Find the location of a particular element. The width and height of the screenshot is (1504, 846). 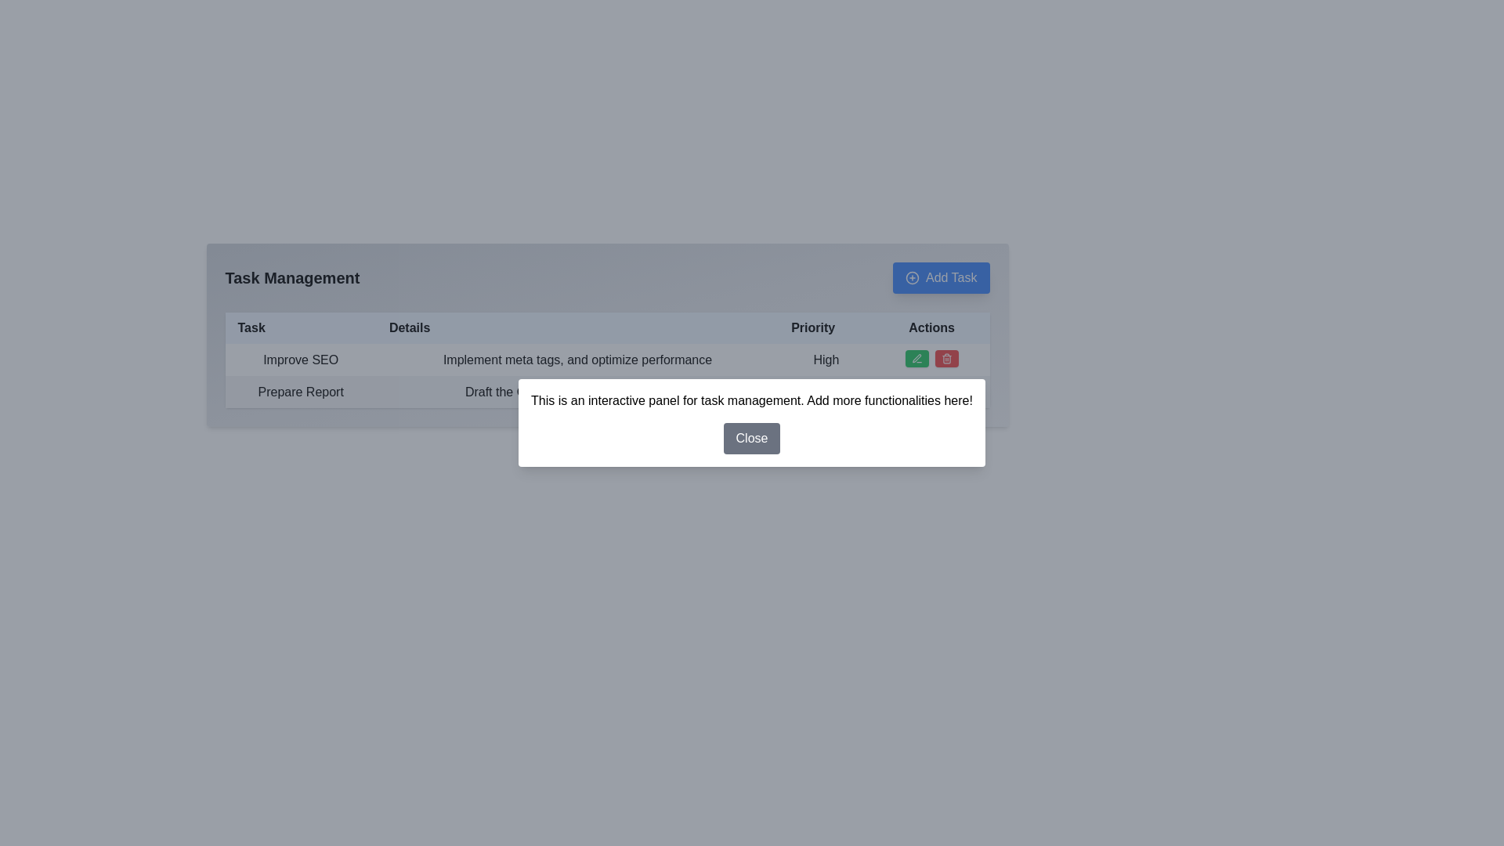

the edit button with a green background and pen icon located in the 'Actions' column for the task titled 'Improve SEO' is located at coordinates (916, 359).